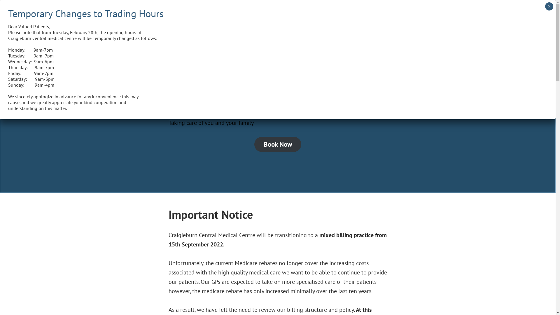 The image size is (560, 315). What do you see at coordinates (344, 17) in the screenshot?
I see `'Our Team'` at bounding box center [344, 17].